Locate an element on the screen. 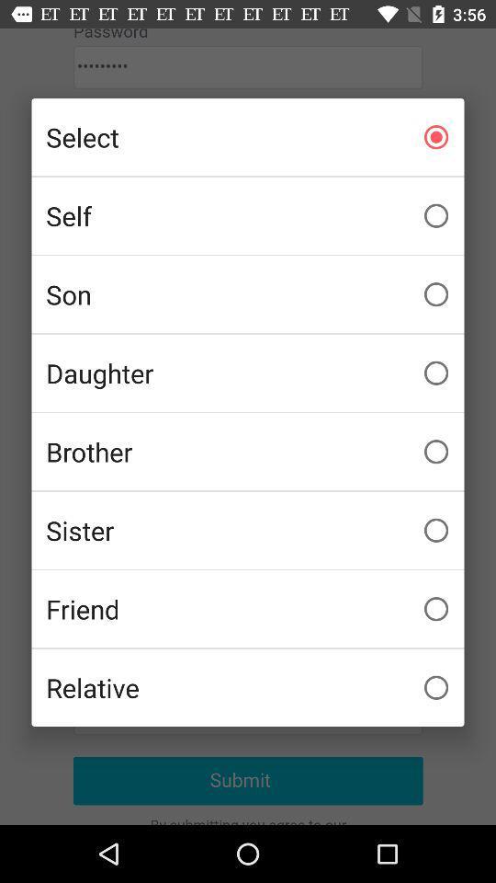 This screenshot has height=883, width=496. the friend checkbox is located at coordinates (248, 609).